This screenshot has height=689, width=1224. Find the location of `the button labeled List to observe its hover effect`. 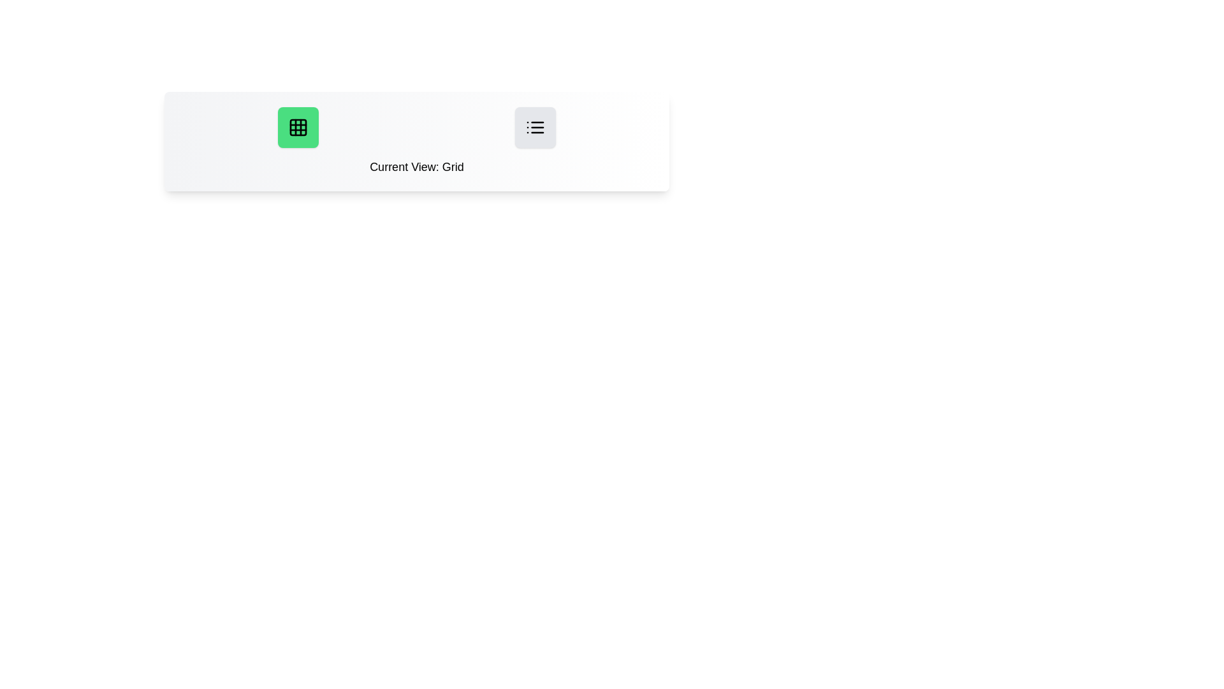

the button labeled List to observe its hover effect is located at coordinates (535, 128).